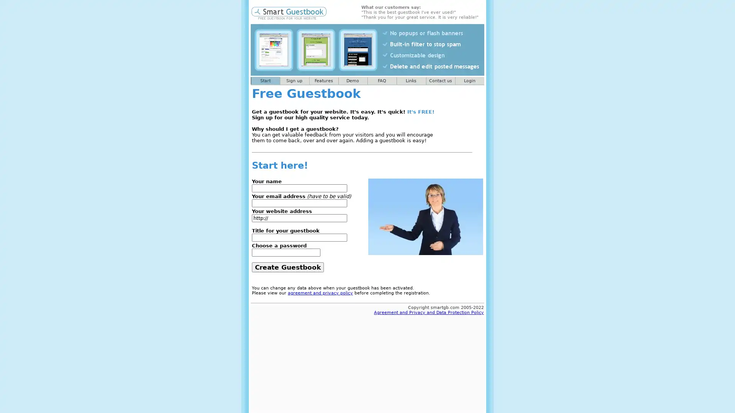 This screenshot has height=413, width=735. Describe the element at coordinates (287, 267) in the screenshot. I see `Create Guestbook` at that location.